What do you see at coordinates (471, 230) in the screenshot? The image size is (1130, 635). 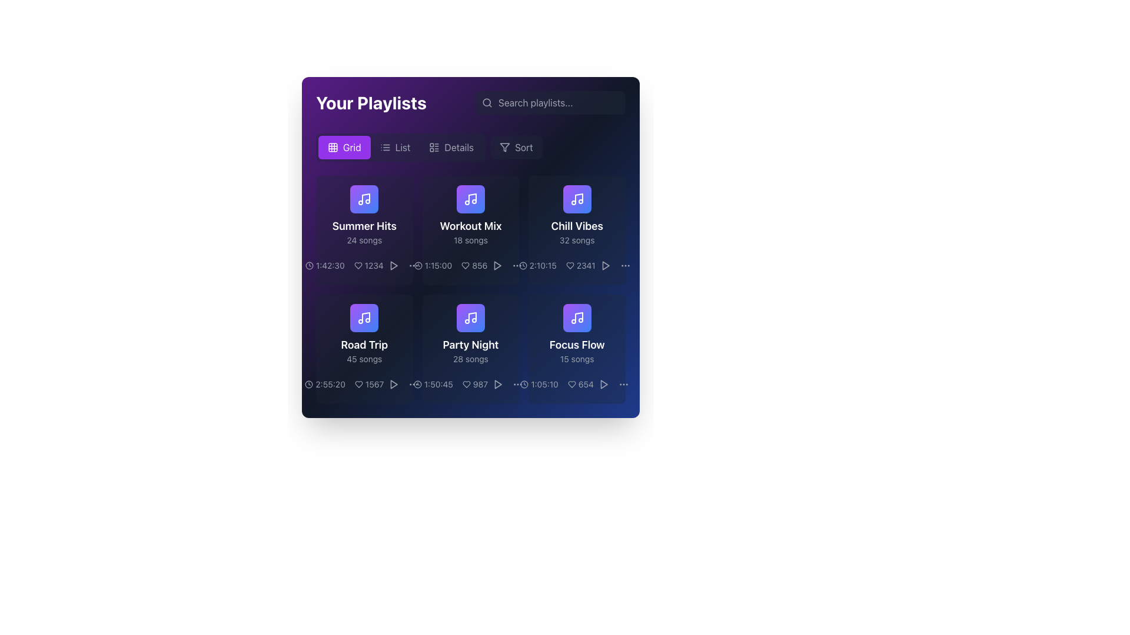 I see `the 'Workout Mix' playlist item, which has a dark semi-transparent background, a musical note icon, and displays the title 'Workout Mix' with a duration of '1:15:00'` at bounding box center [471, 230].